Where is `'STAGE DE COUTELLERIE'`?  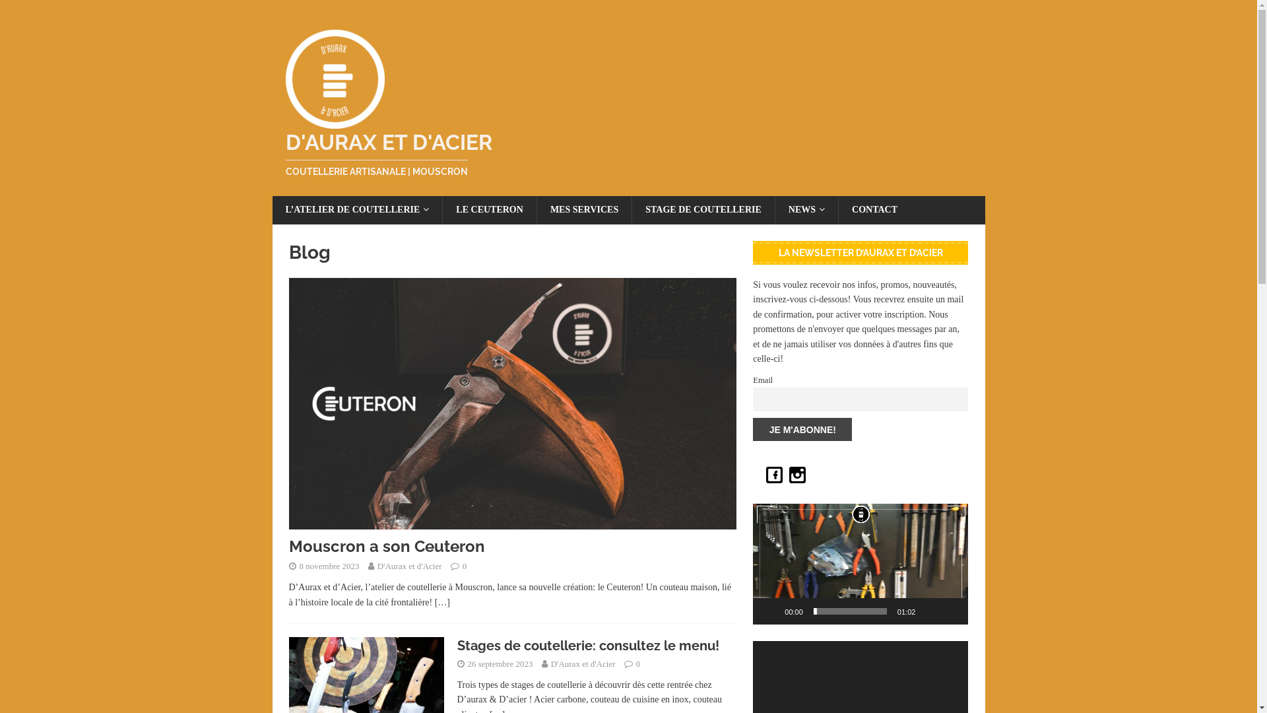 'STAGE DE COUTELLERIE' is located at coordinates (702, 209).